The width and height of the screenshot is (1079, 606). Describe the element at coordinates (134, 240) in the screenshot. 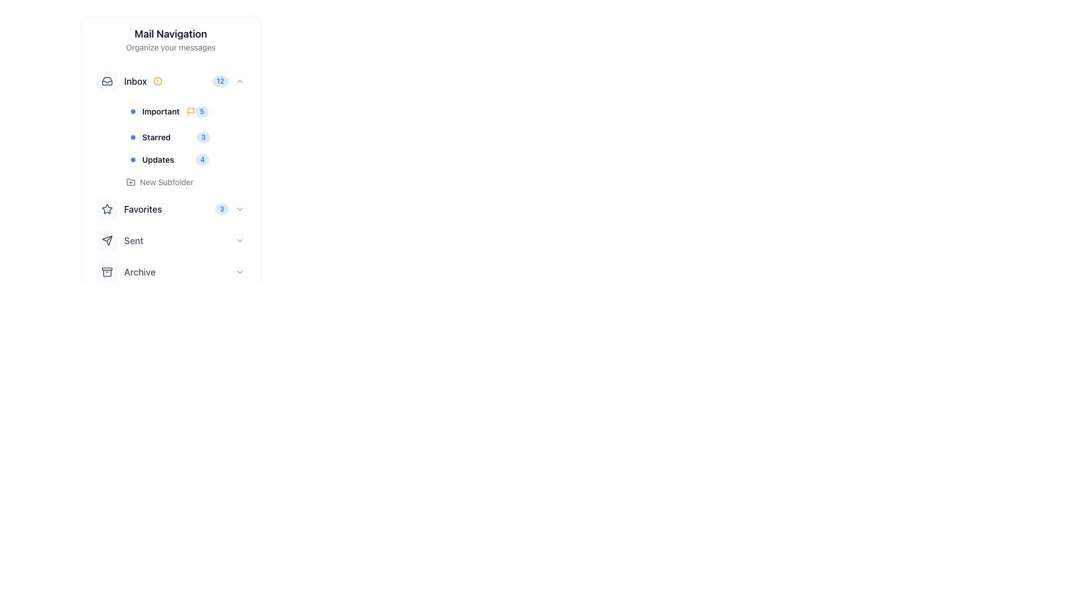

I see `the static text label displaying the word 'Sent' located in the 'Favorites' section of the navigation menu` at that location.